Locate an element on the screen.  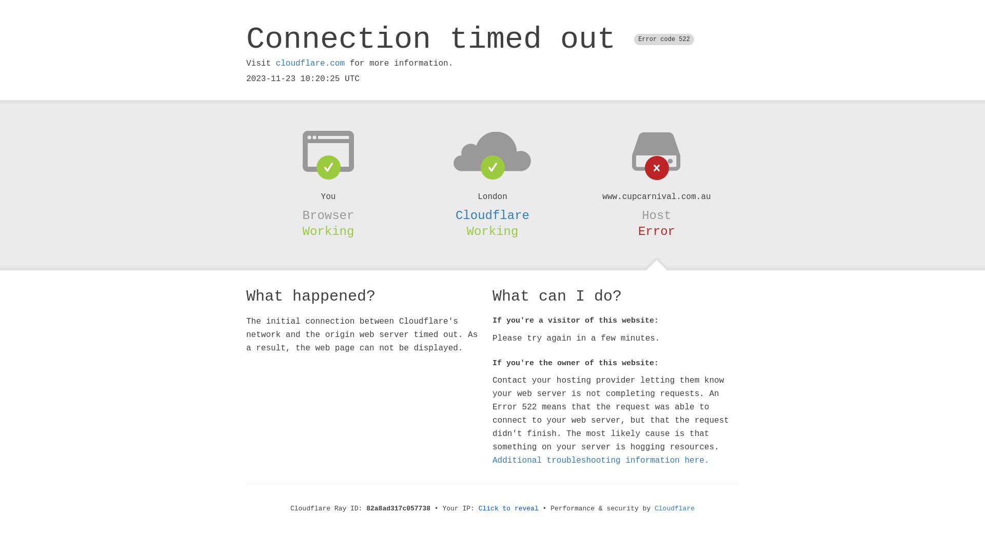
'cloudflare.com' is located at coordinates (309, 63).